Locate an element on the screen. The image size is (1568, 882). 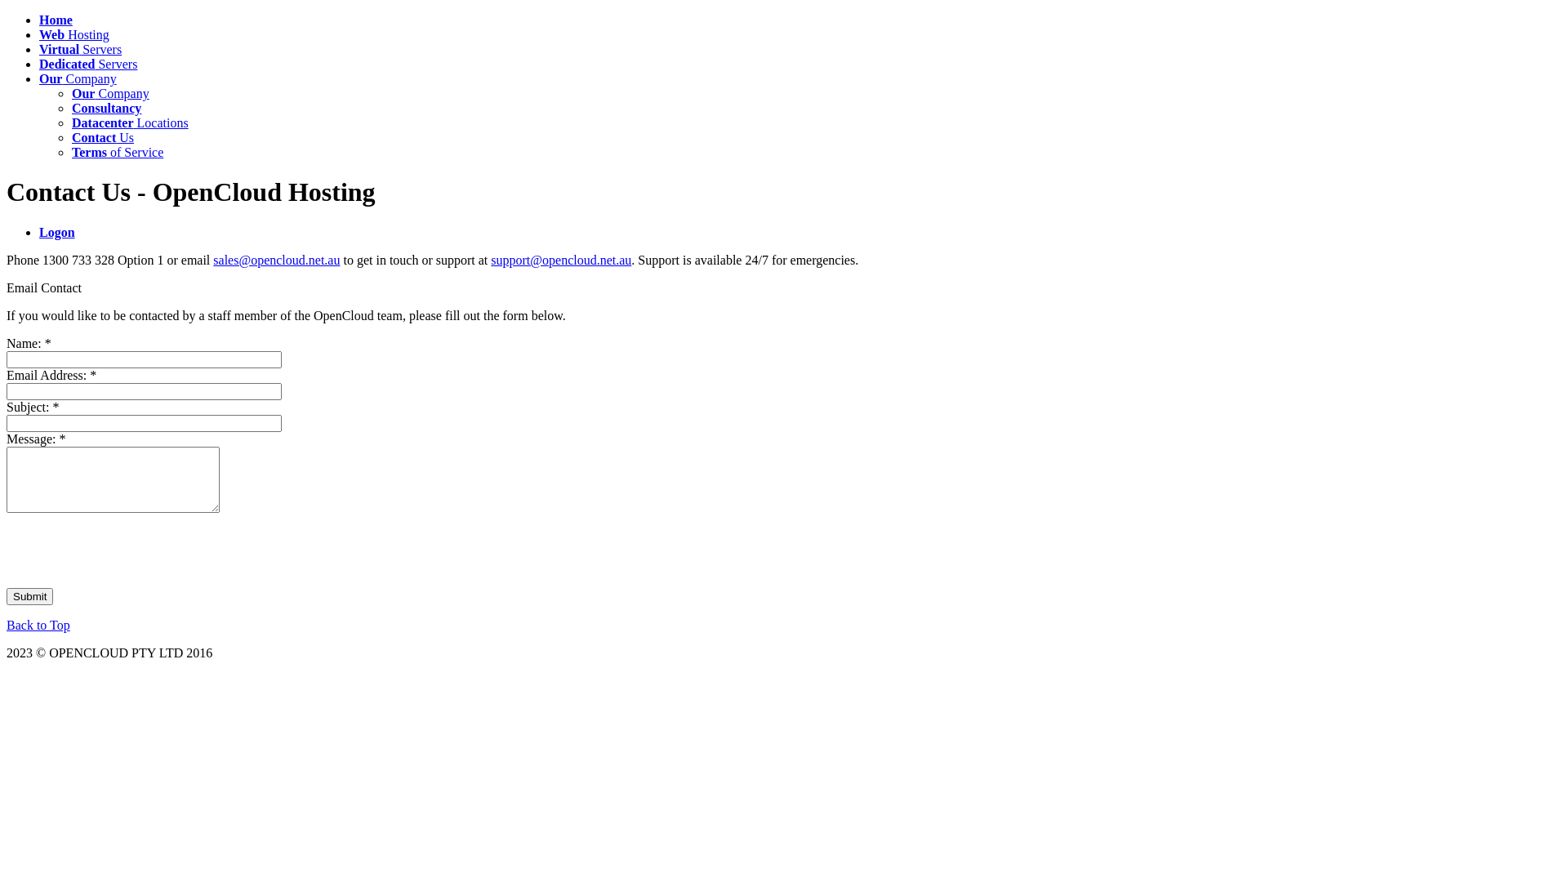
'Web Hosting' is located at coordinates (73, 34).